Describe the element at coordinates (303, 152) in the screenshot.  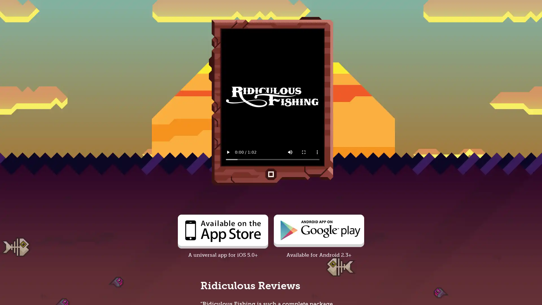
I see `enter full screen` at that location.